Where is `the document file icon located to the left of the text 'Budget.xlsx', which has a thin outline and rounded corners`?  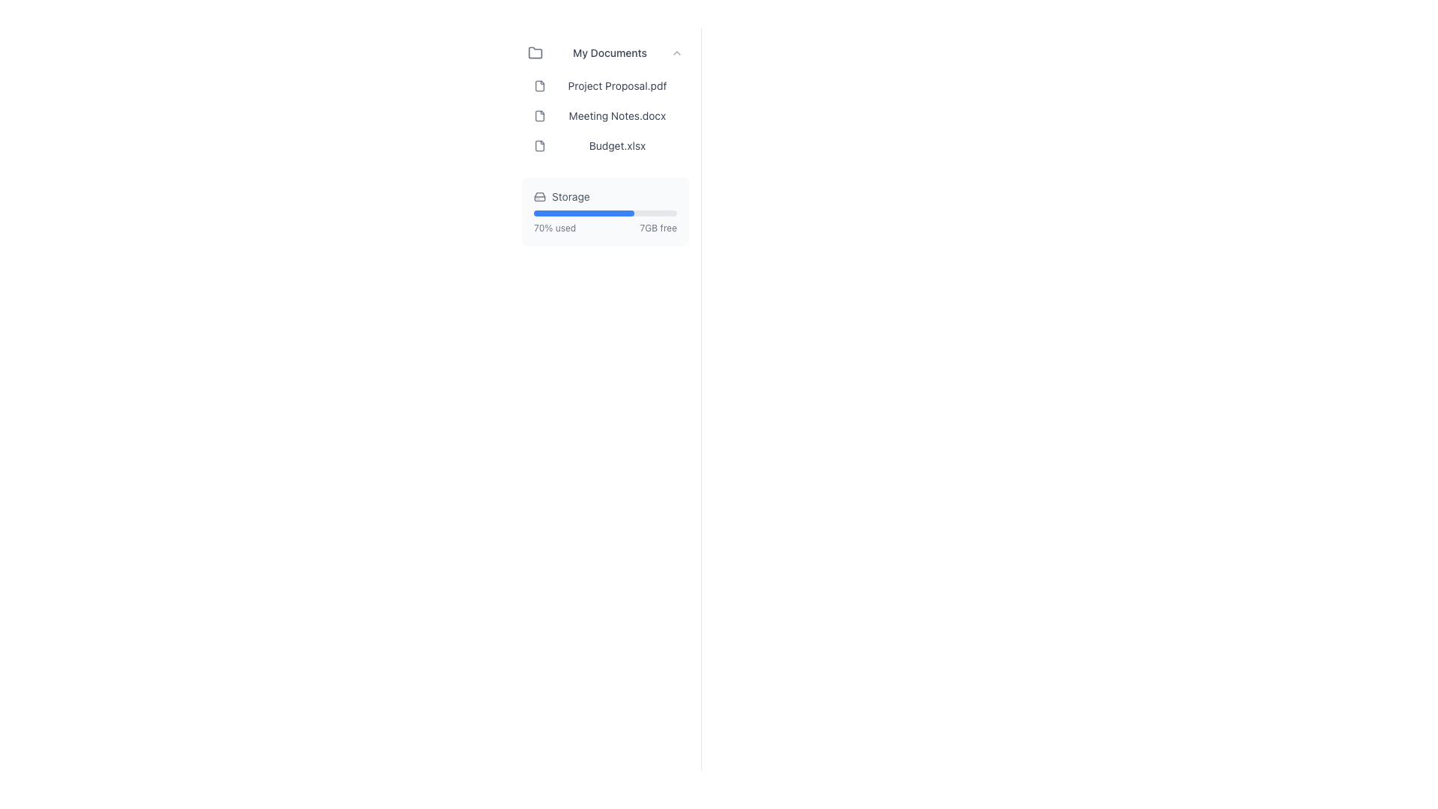
the document file icon located to the left of the text 'Budget.xlsx', which has a thin outline and rounded corners is located at coordinates (539, 146).